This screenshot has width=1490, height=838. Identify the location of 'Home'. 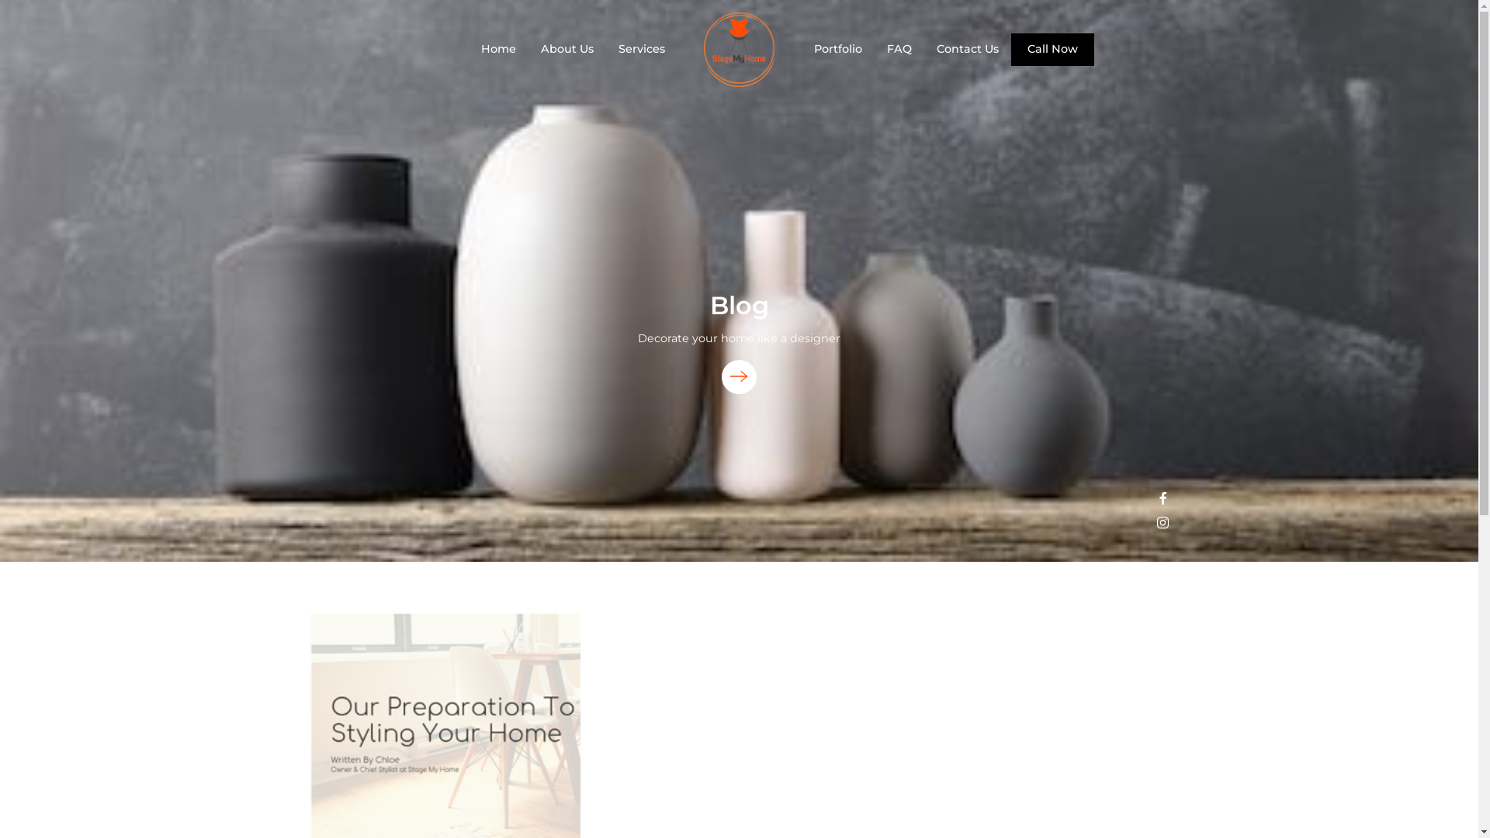
(498, 47).